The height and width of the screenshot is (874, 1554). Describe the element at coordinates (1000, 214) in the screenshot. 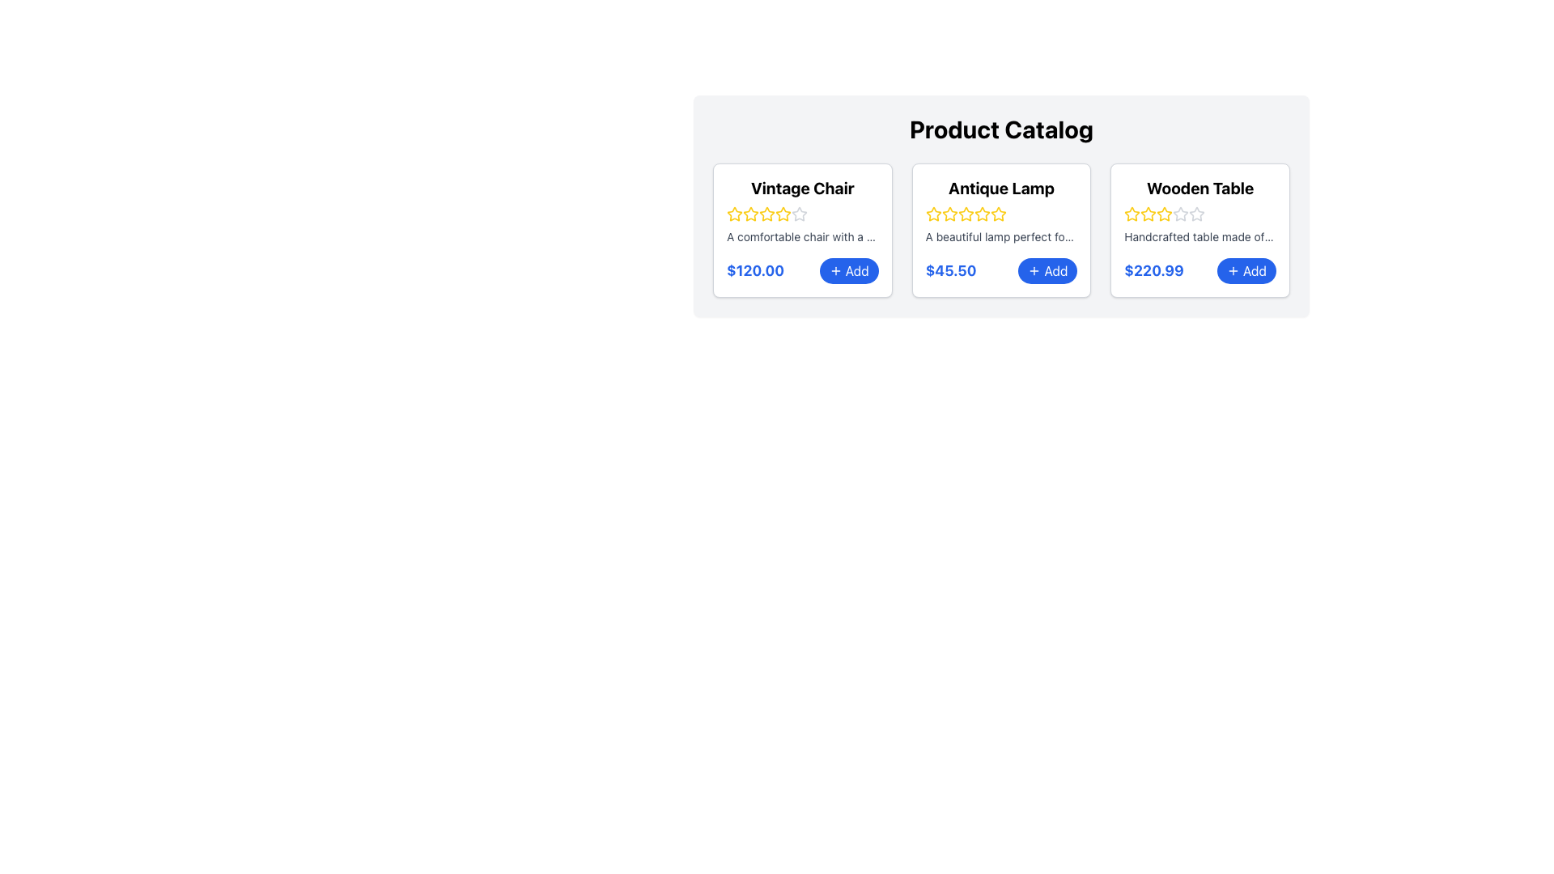

I see `the Rating indicator composed of visual elements (stars) for the product 'Antique Lamp', which is located in the center card of the product catalog just below its title` at that location.